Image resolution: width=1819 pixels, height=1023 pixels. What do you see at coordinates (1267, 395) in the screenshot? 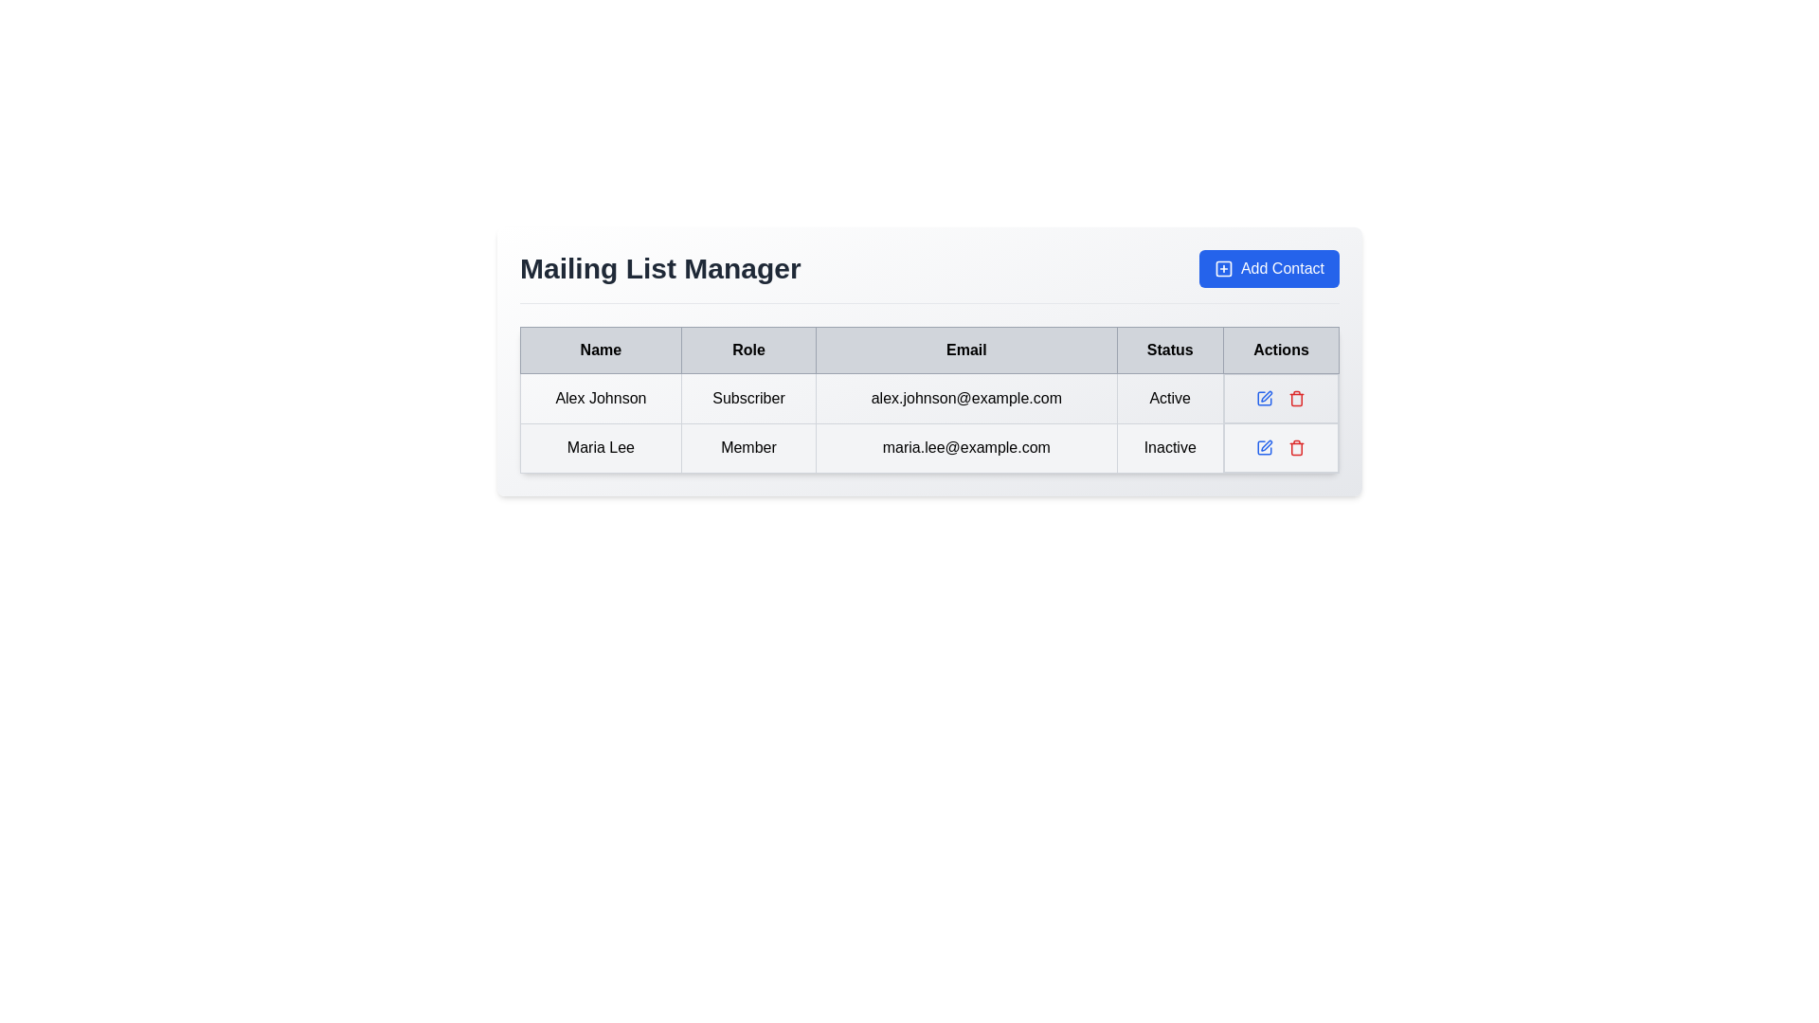
I see `the edit icon, which resembles a pen and is located in the 'Actions' column of the second row, to initiate the editing process` at bounding box center [1267, 395].